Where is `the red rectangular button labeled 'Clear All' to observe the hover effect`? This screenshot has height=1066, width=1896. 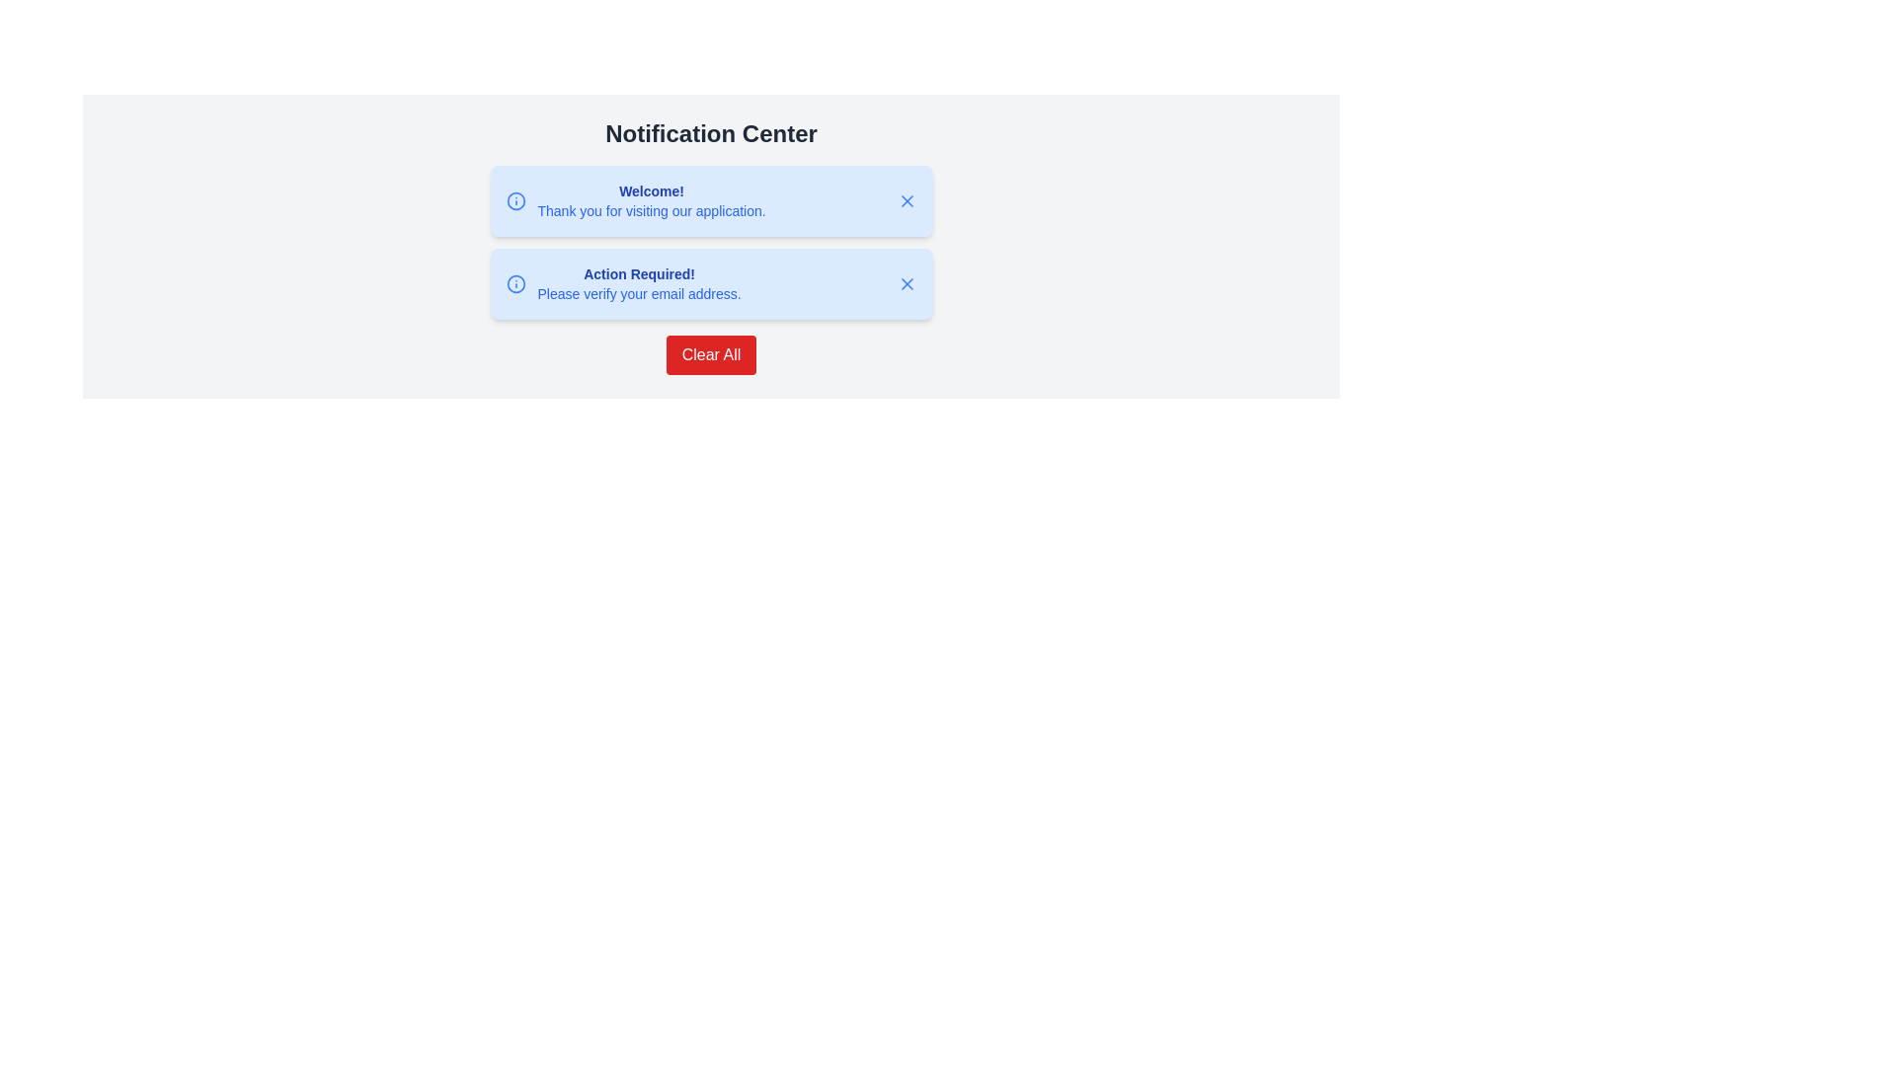 the red rectangular button labeled 'Clear All' to observe the hover effect is located at coordinates (711, 353).